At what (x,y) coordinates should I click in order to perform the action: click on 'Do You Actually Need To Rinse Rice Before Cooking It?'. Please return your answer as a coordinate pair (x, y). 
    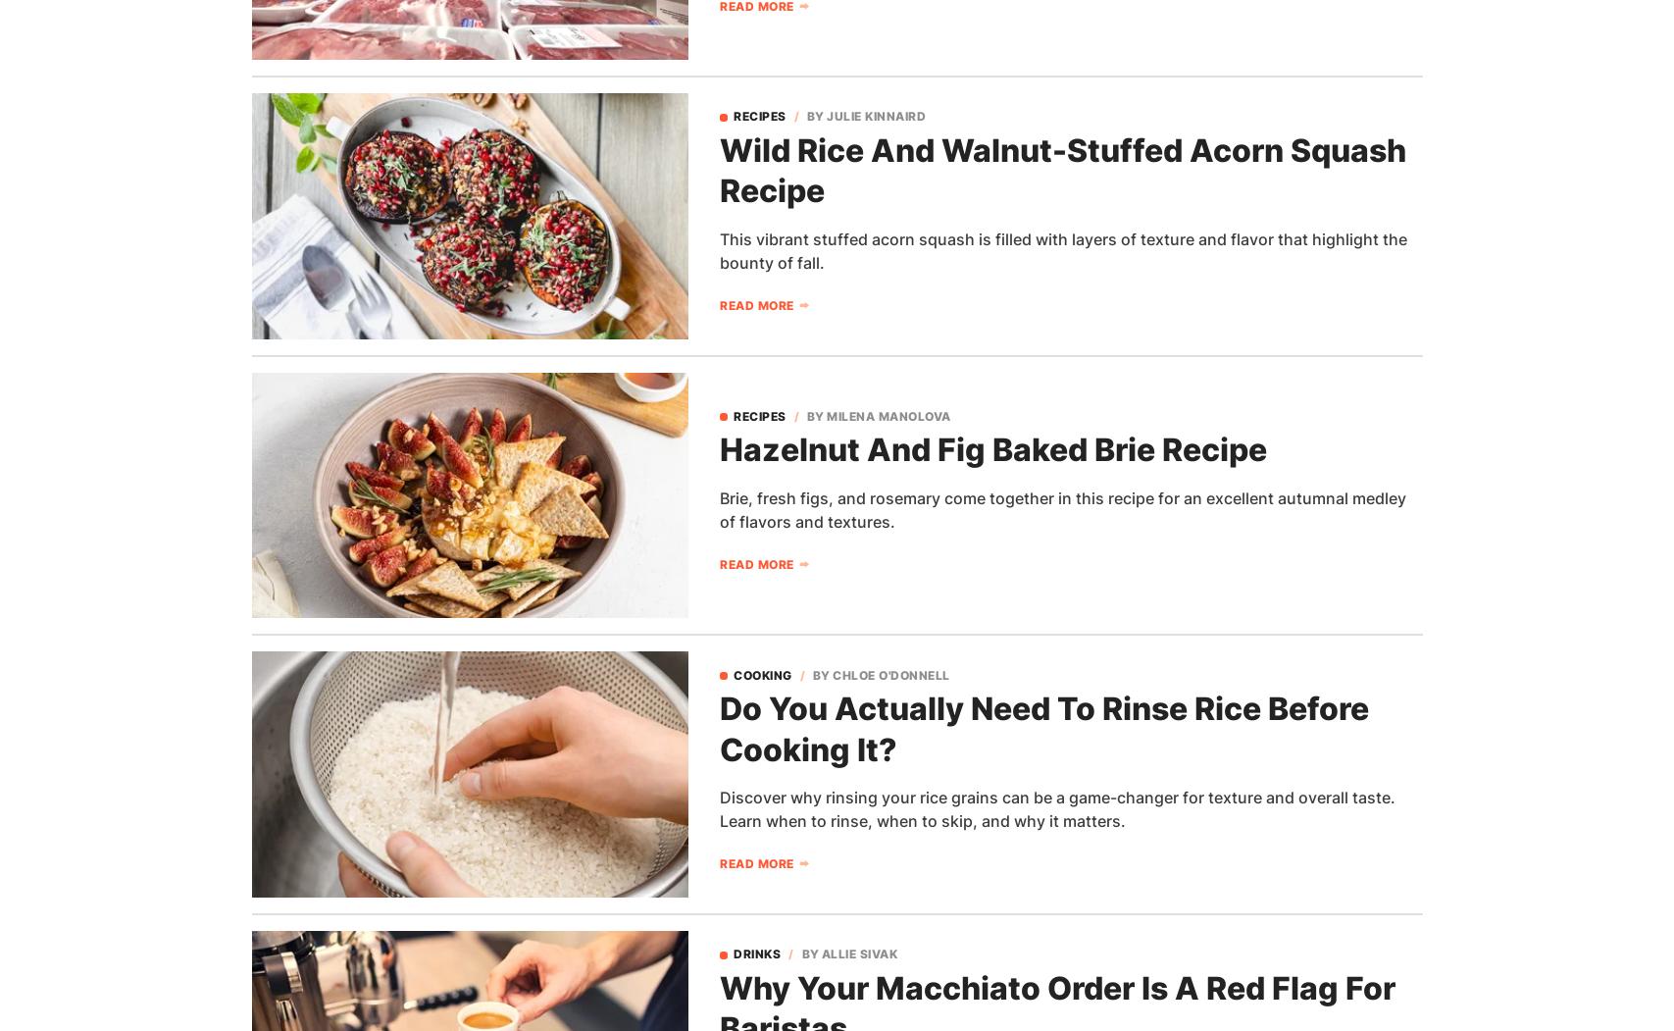
    Looking at the image, I should click on (720, 728).